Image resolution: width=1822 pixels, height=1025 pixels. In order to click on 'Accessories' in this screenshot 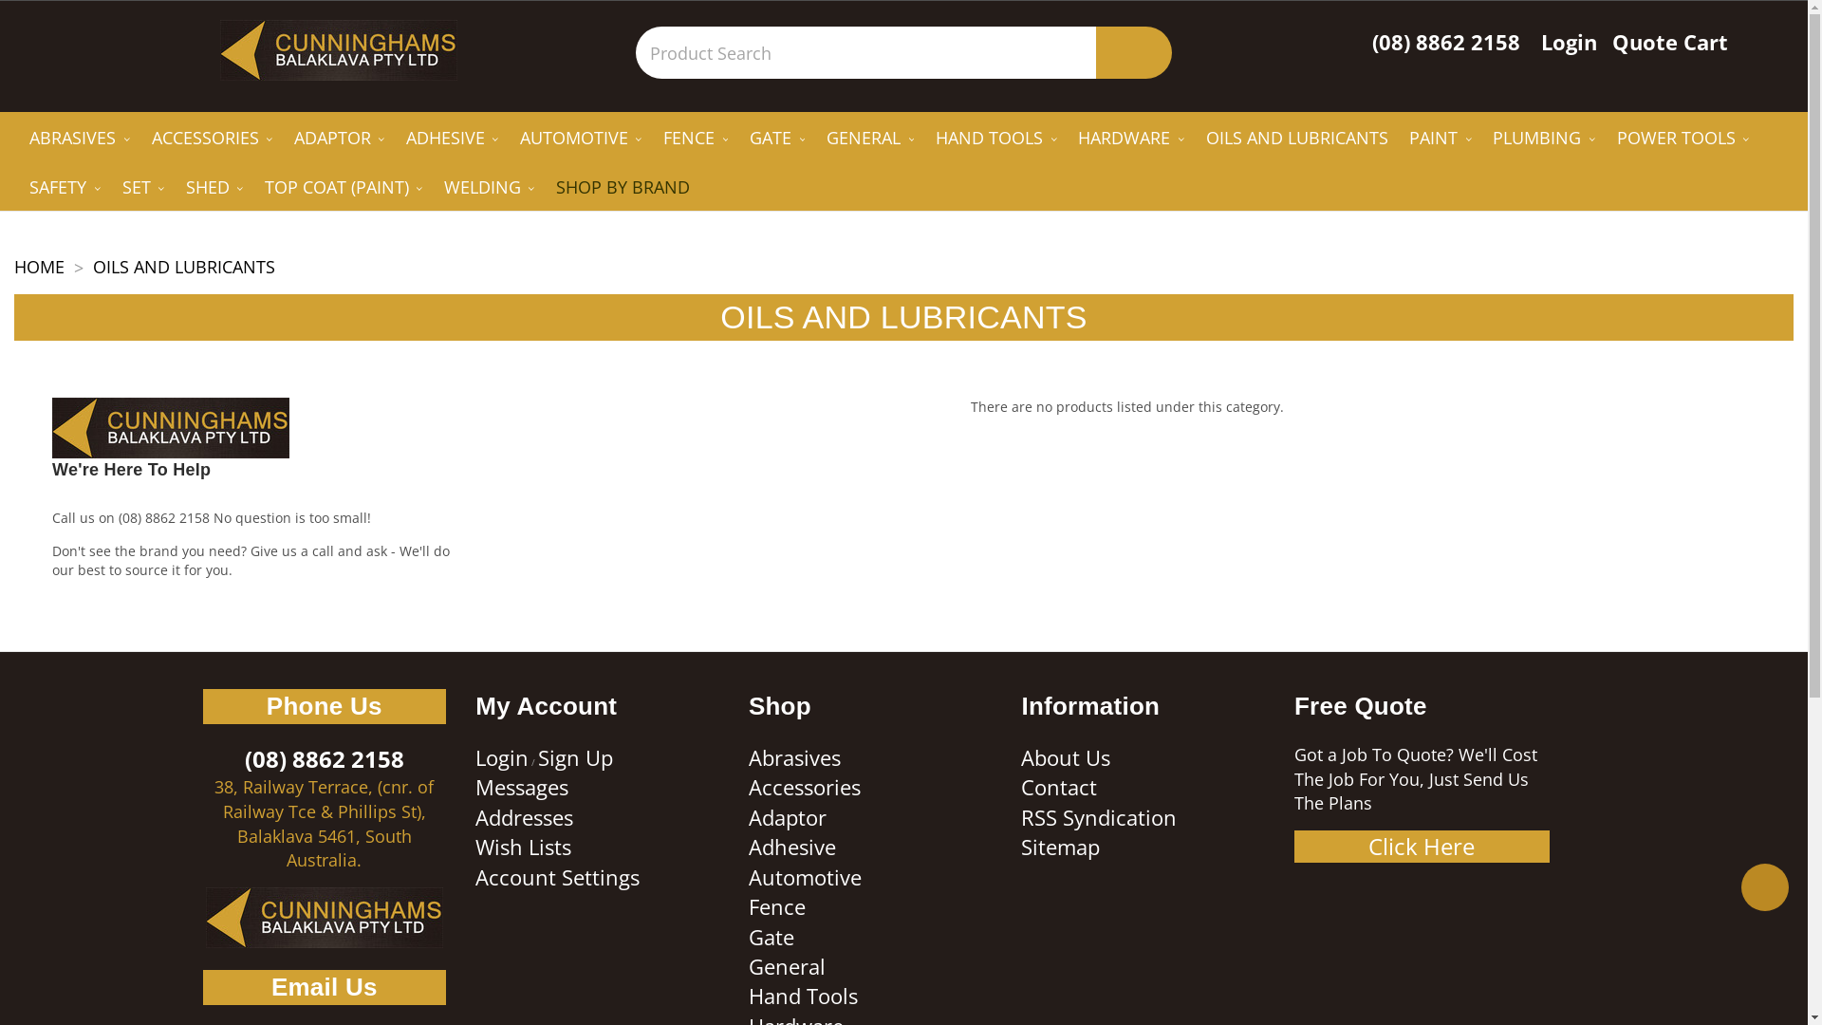, I will do `click(805, 787)`.